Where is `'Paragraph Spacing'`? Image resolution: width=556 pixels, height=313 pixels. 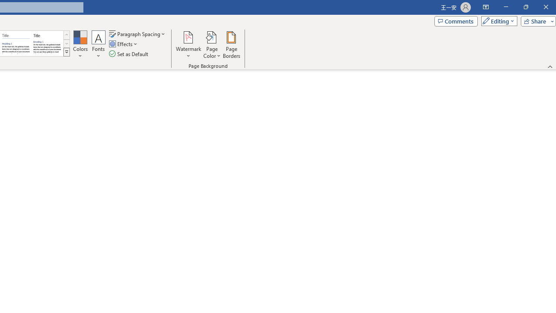
'Paragraph Spacing' is located at coordinates (137, 33).